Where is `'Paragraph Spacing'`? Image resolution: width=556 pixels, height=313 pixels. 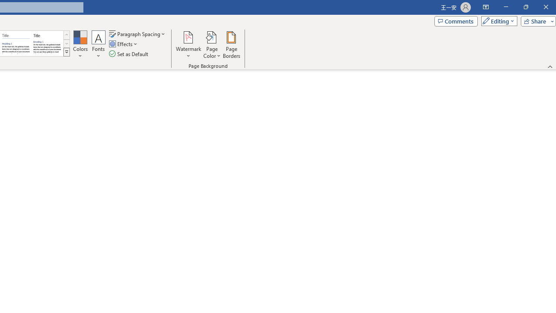
'Paragraph Spacing' is located at coordinates (137, 33).